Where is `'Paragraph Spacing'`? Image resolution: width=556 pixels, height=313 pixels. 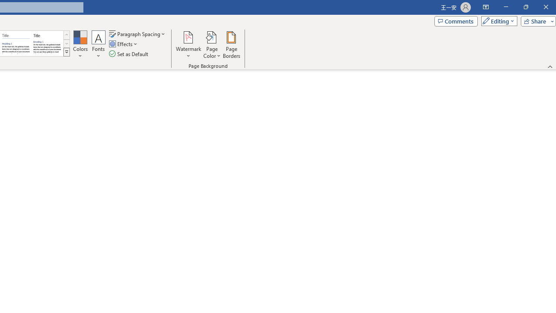
'Paragraph Spacing' is located at coordinates (137, 33).